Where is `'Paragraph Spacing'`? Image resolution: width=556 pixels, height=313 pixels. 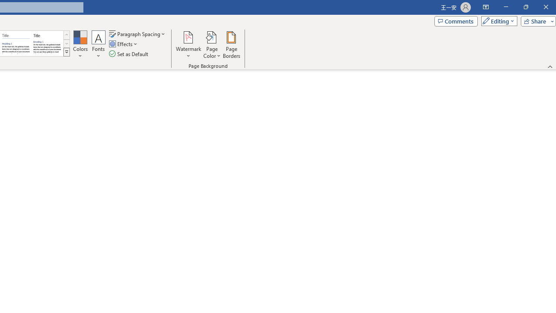
'Paragraph Spacing' is located at coordinates (137, 33).